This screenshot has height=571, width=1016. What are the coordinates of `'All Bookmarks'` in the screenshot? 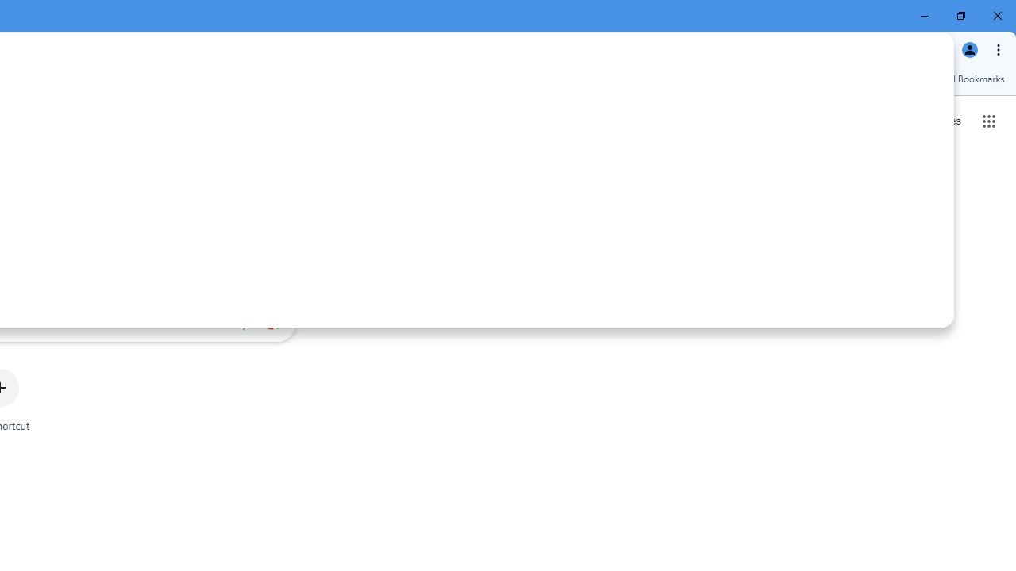 It's located at (964, 79).